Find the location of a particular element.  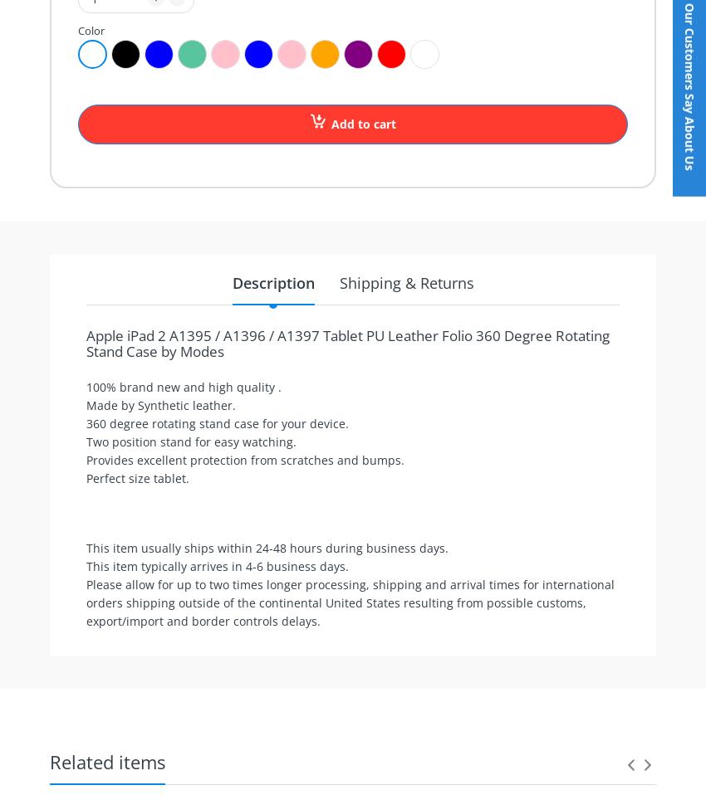

'Provides excellent protection from scratches and bumps.' is located at coordinates (243, 459).